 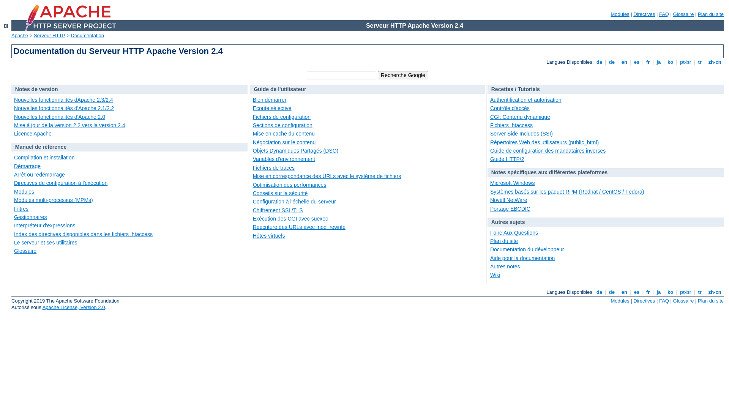 I want to click on 'Guide HTTP/2', so click(x=507, y=159).